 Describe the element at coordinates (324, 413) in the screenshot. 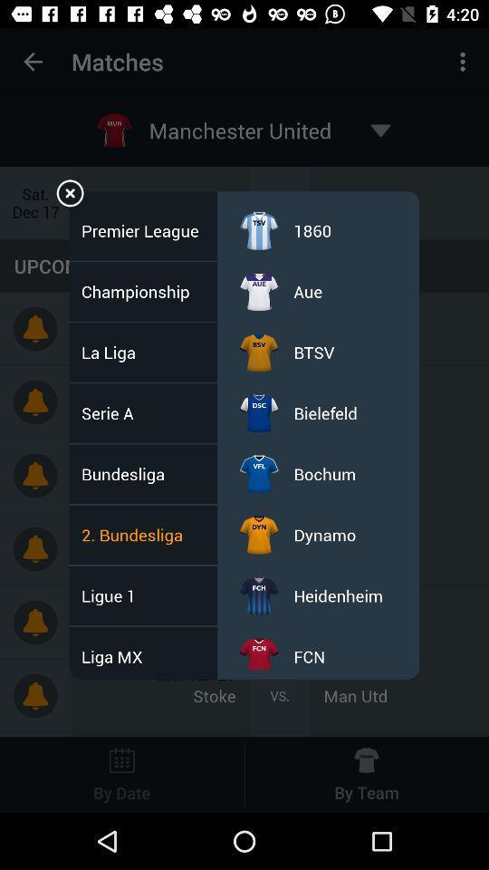

I see `the item above the bochum` at that location.